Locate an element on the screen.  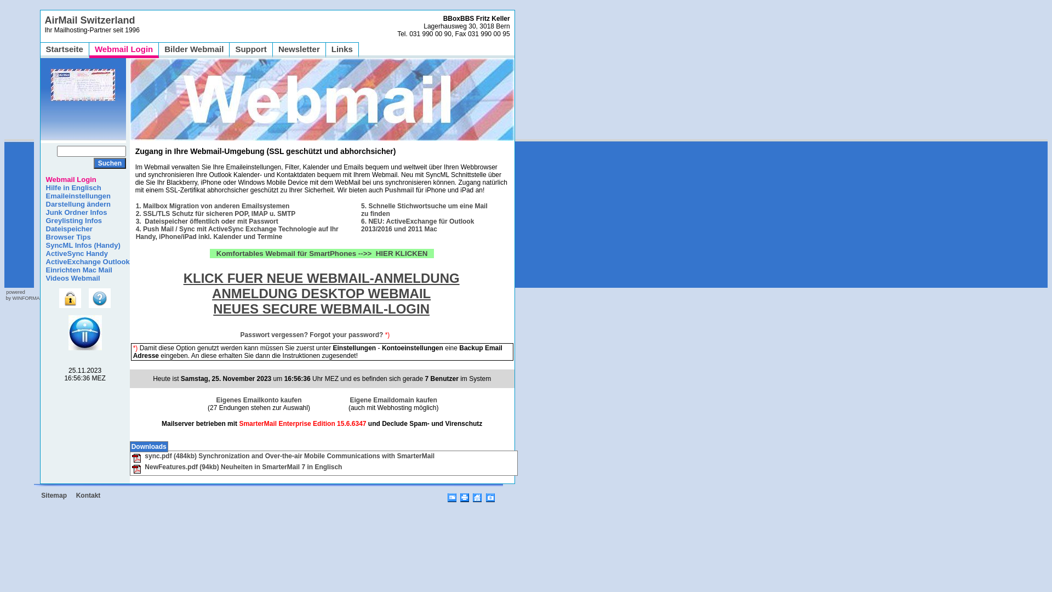
'5. Schnelle Stichwortsuche um eine Mail zu finden' is located at coordinates (424, 209).